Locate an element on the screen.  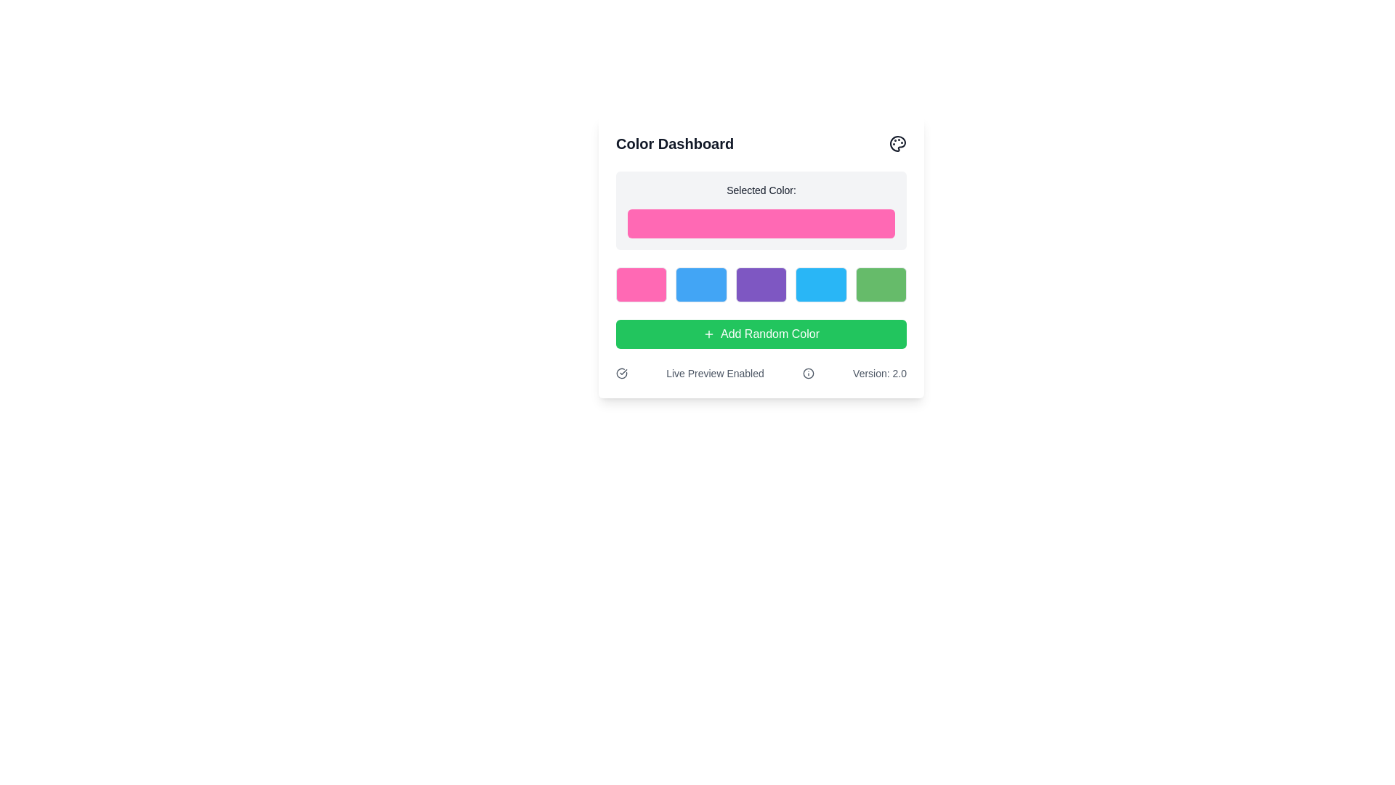
the first button in the grid below the 'Selected Color' section is located at coordinates (641, 285).